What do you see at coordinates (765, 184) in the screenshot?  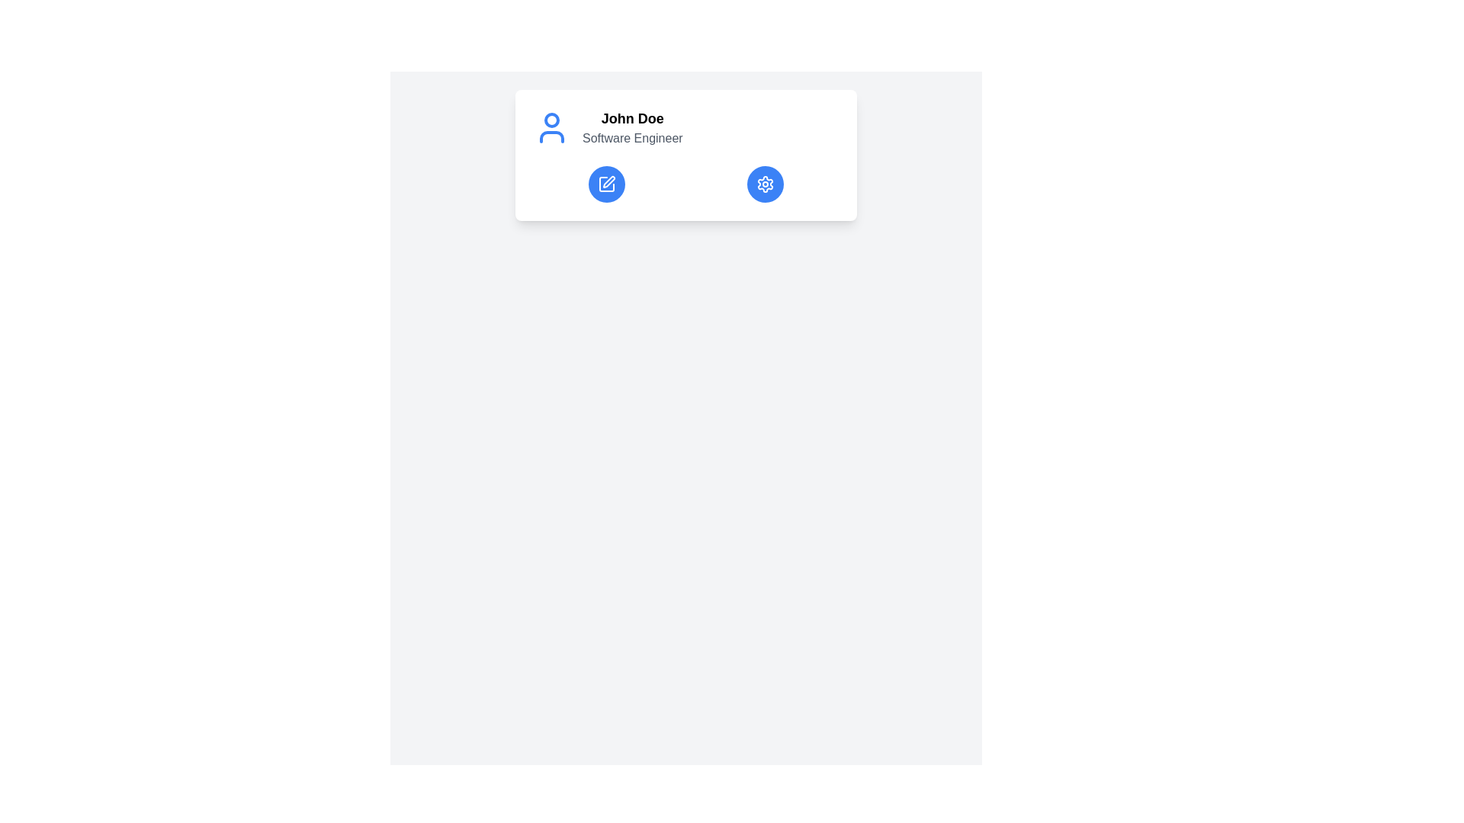 I see `the settings button, which is the second interactive button in a horizontal row within a white card component displaying user information` at bounding box center [765, 184].